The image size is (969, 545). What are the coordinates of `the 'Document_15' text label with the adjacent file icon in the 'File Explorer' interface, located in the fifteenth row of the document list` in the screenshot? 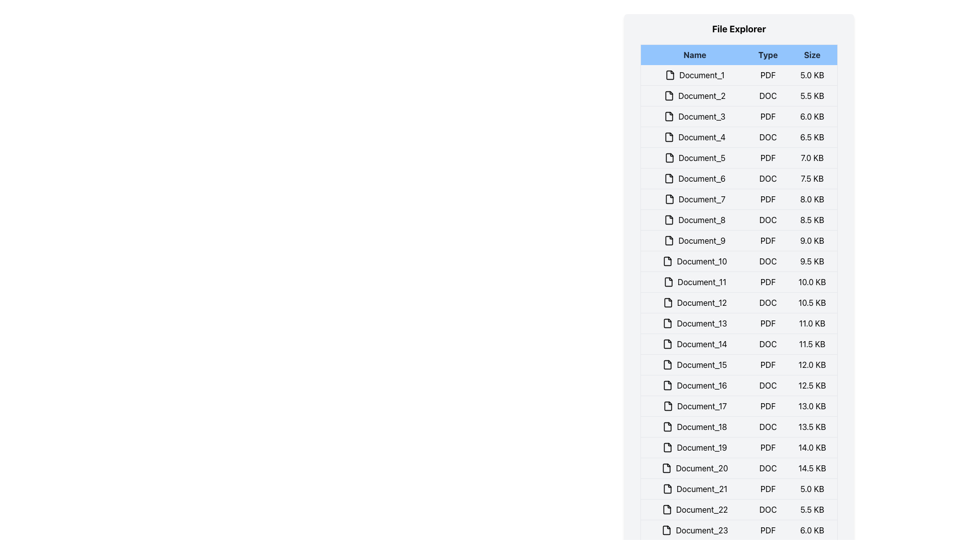 It's located at (694, 364).